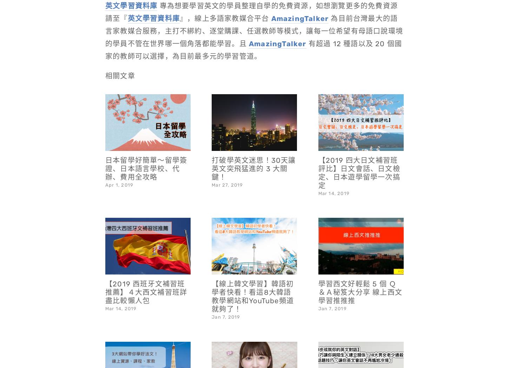 Image resolution: width=509 pixels, height=368 pixels. Describe the element at coordinates (146, 273) in the screenshot. I see `'【2019 西班牙文補習班推薦】４大西文補習班詳盡比較懶人包'` at that location.